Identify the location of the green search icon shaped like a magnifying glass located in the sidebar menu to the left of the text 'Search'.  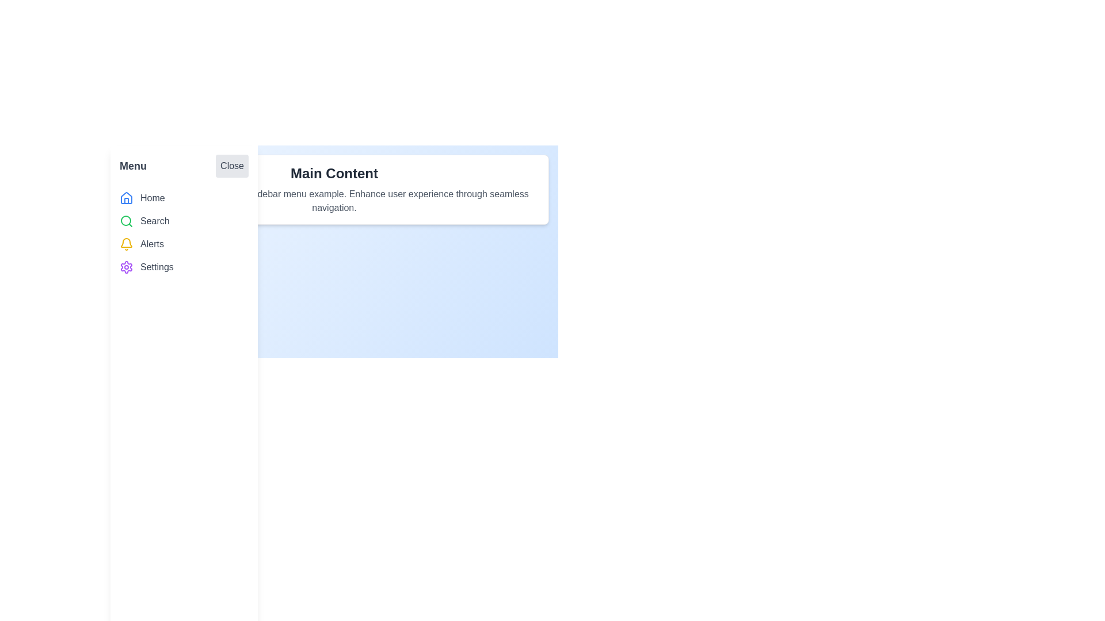
(127, 221).